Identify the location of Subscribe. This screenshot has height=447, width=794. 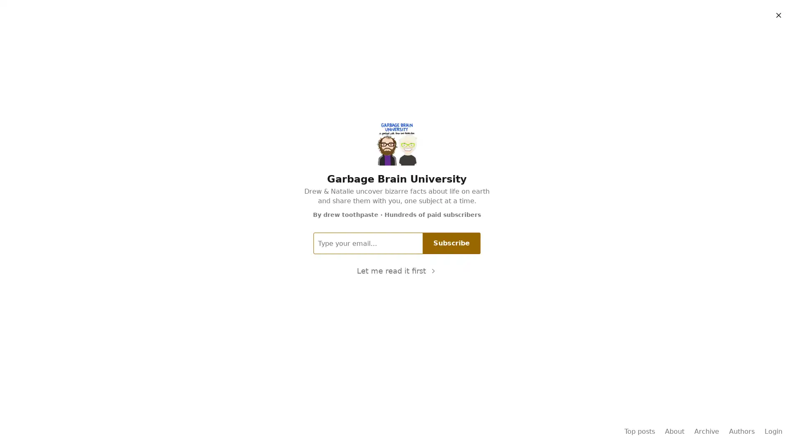
(451, 243).